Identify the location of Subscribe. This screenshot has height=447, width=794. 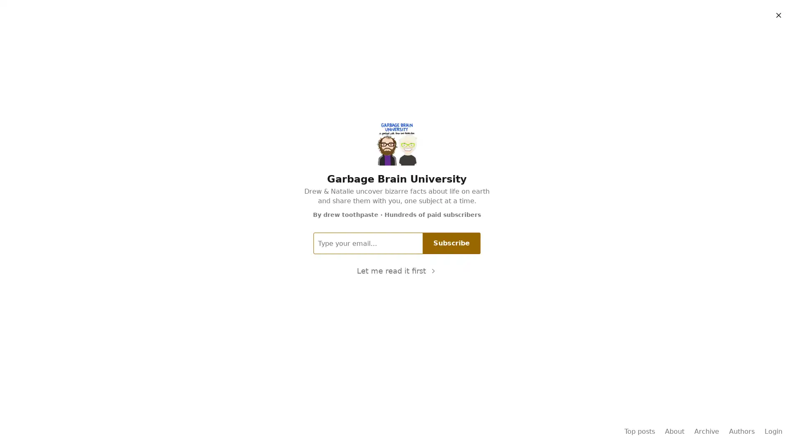
(451, 243).